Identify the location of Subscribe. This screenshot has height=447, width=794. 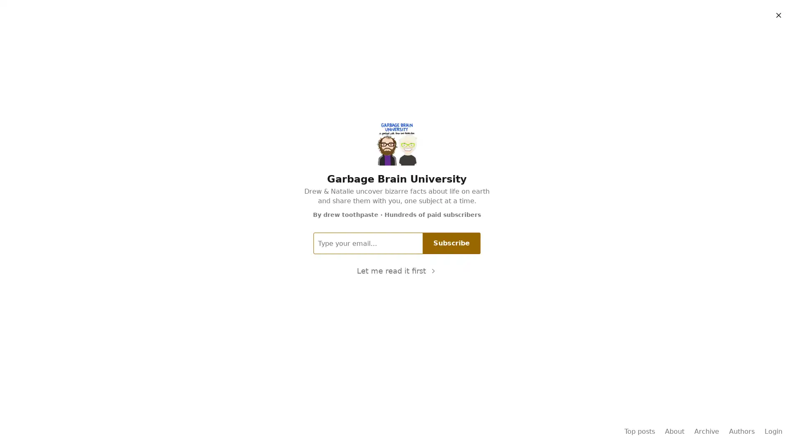
(451, 243).